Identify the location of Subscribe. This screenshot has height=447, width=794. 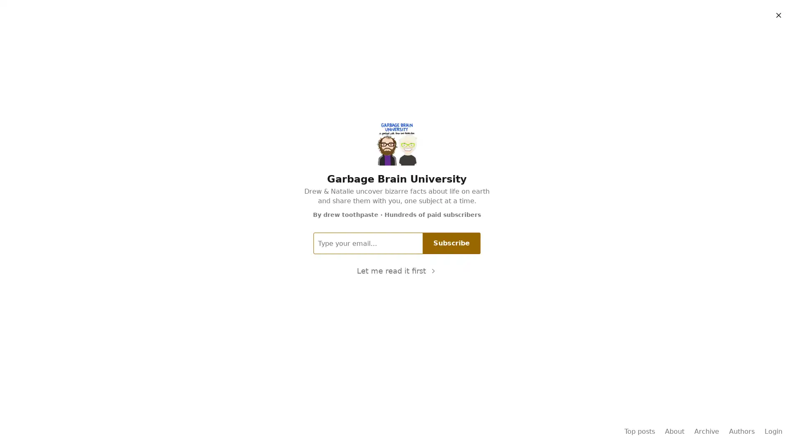
(451, 243).